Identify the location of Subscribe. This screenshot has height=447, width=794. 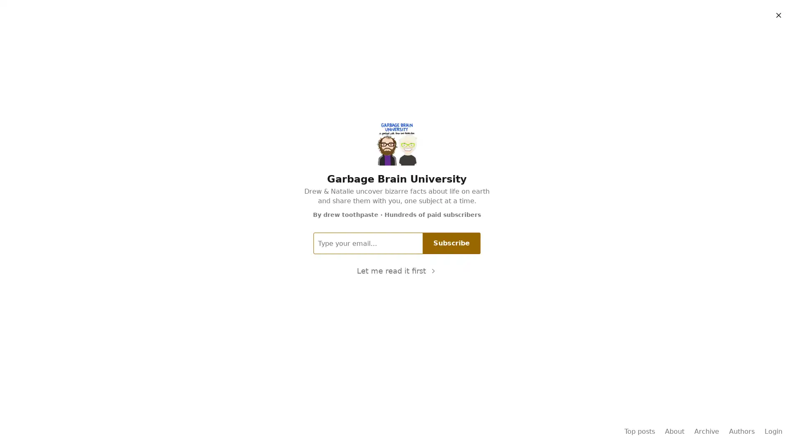
(451, 243).